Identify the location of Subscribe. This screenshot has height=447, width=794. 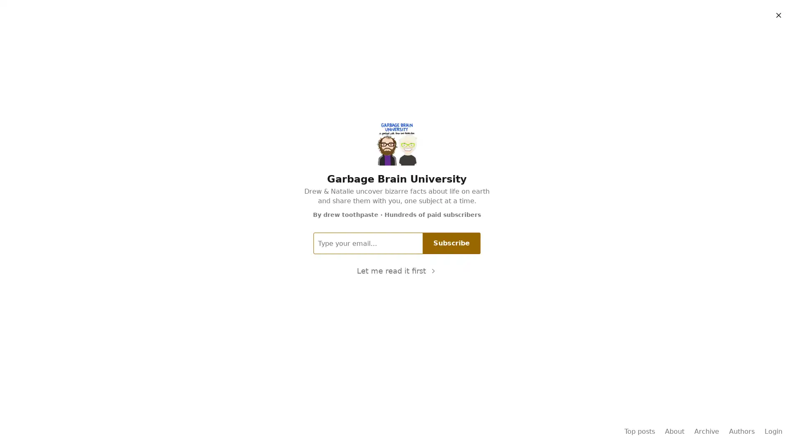
(451, 243).